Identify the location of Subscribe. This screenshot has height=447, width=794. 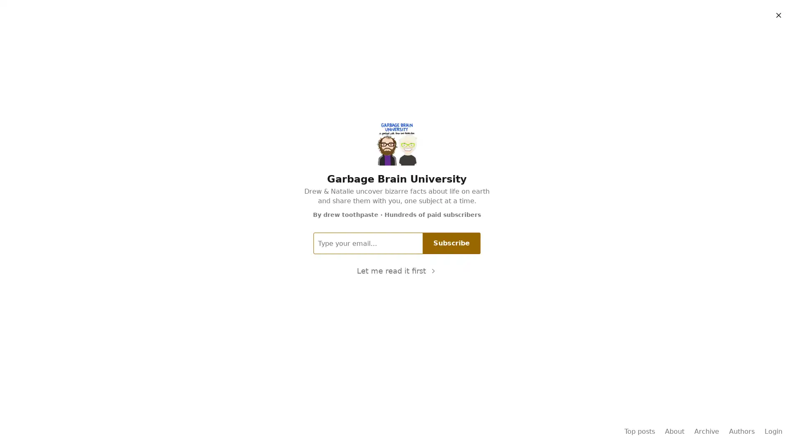
(451, 243).